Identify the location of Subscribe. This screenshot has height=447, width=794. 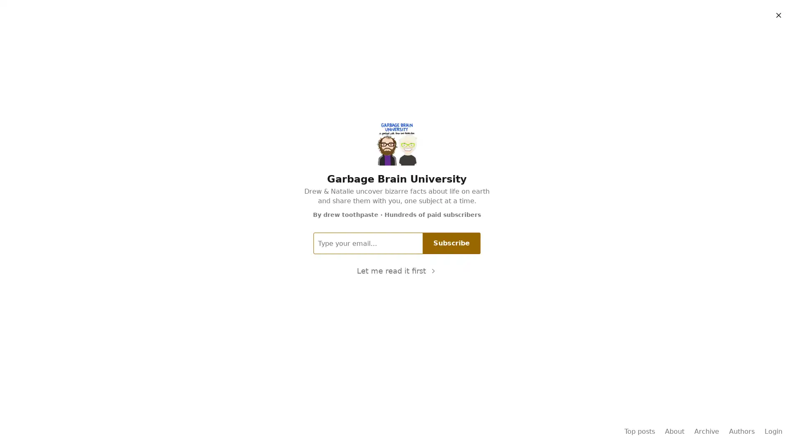
(451, 243).